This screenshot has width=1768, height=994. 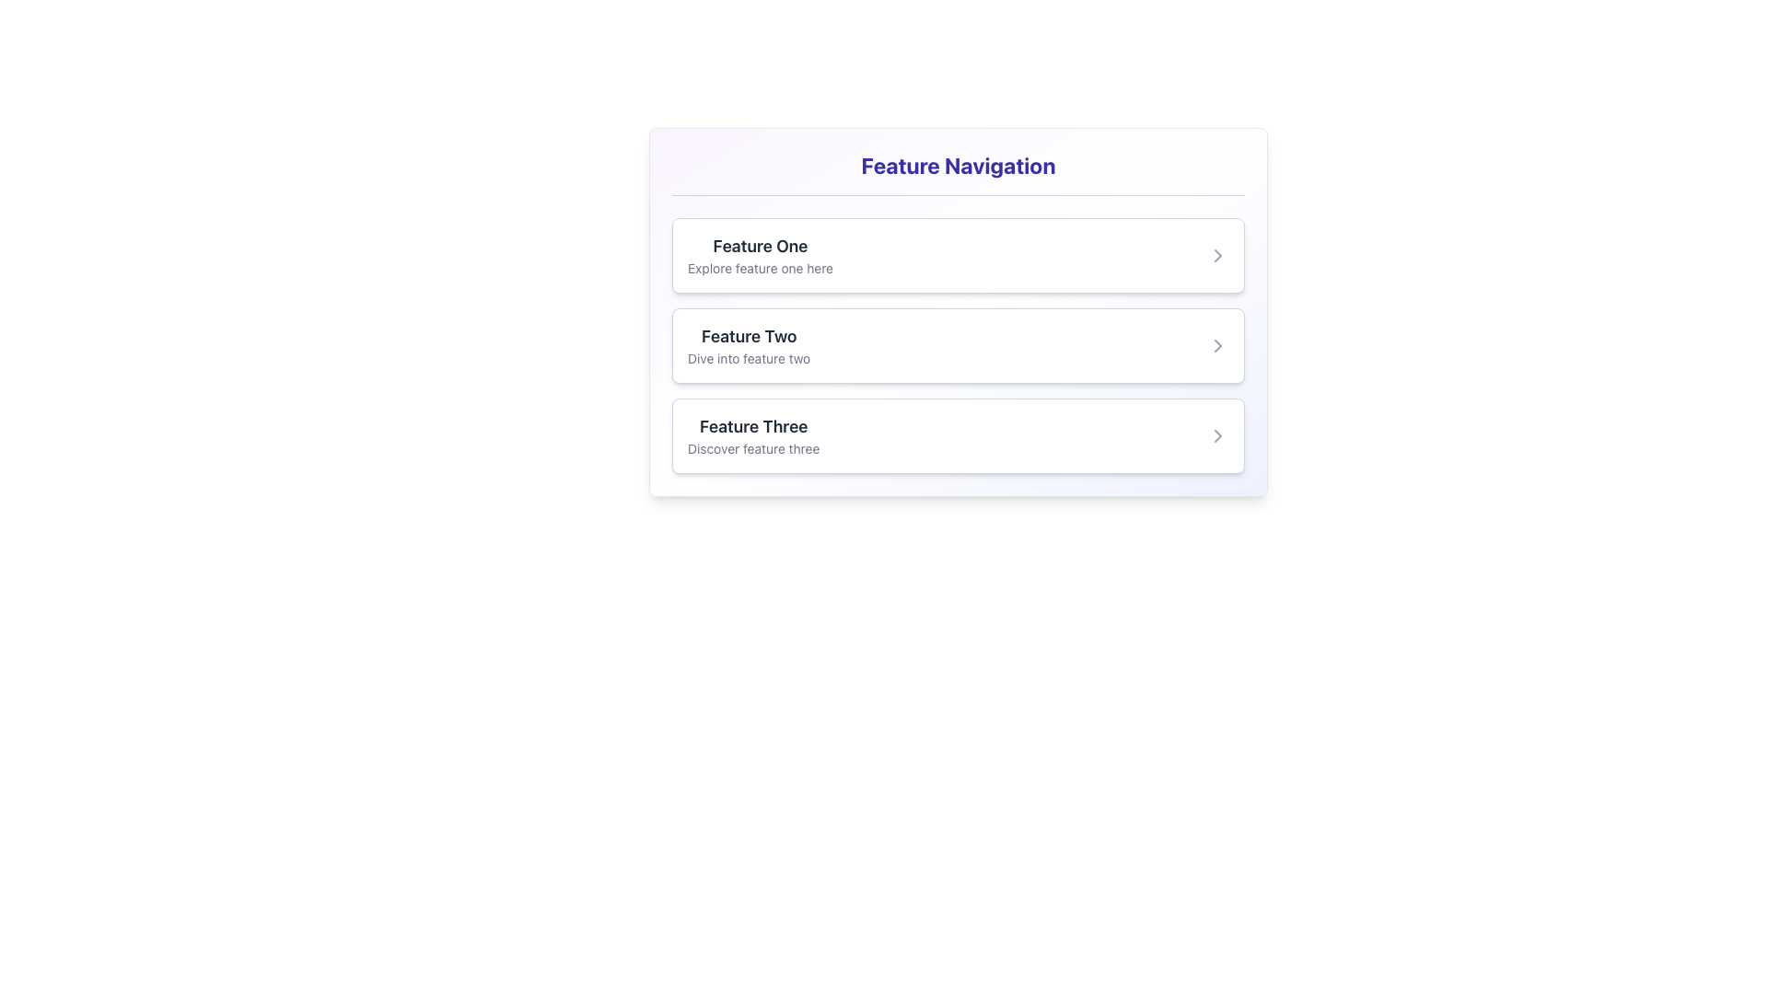 I want to click on the right-pointing navigation chevron icon located in the third row labeled 'Feature Three' in the feature navigation panel, so click(x=1218, y=436).